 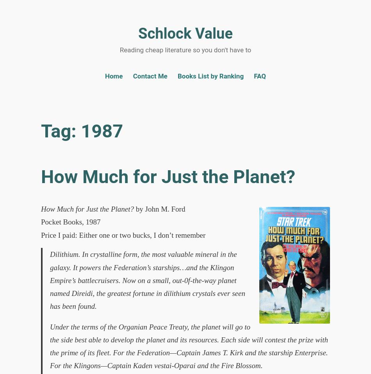 I want to click on 'Pocket Books, 1987', so click(x=70, y=222).